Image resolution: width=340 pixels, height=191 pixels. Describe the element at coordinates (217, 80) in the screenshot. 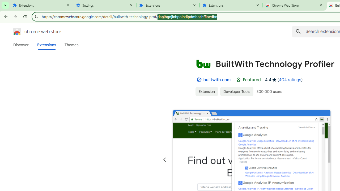

I see `'builtwith.com'` at that location.